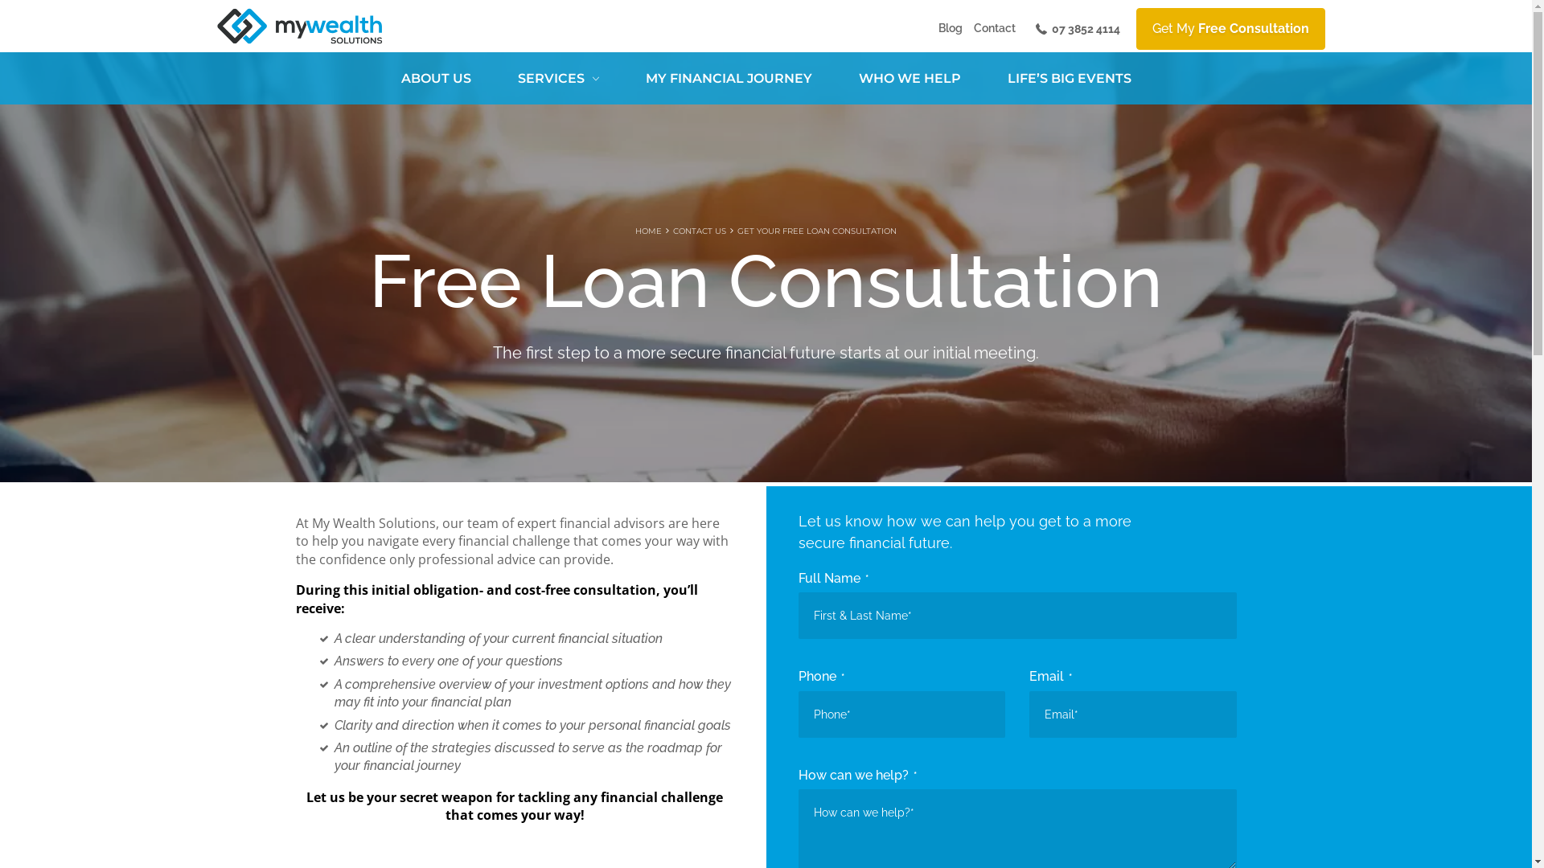  I want to click on 'Blog', so click(950, 28).